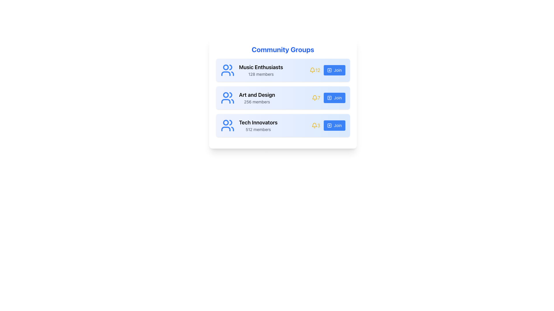 This screenshot has height=311, width=554. I want to click on the decorative icon representing the 'Music Enthusiasts' group located in the top-left corner of its segment to enhance visual association with the community category, so click(227, 70).